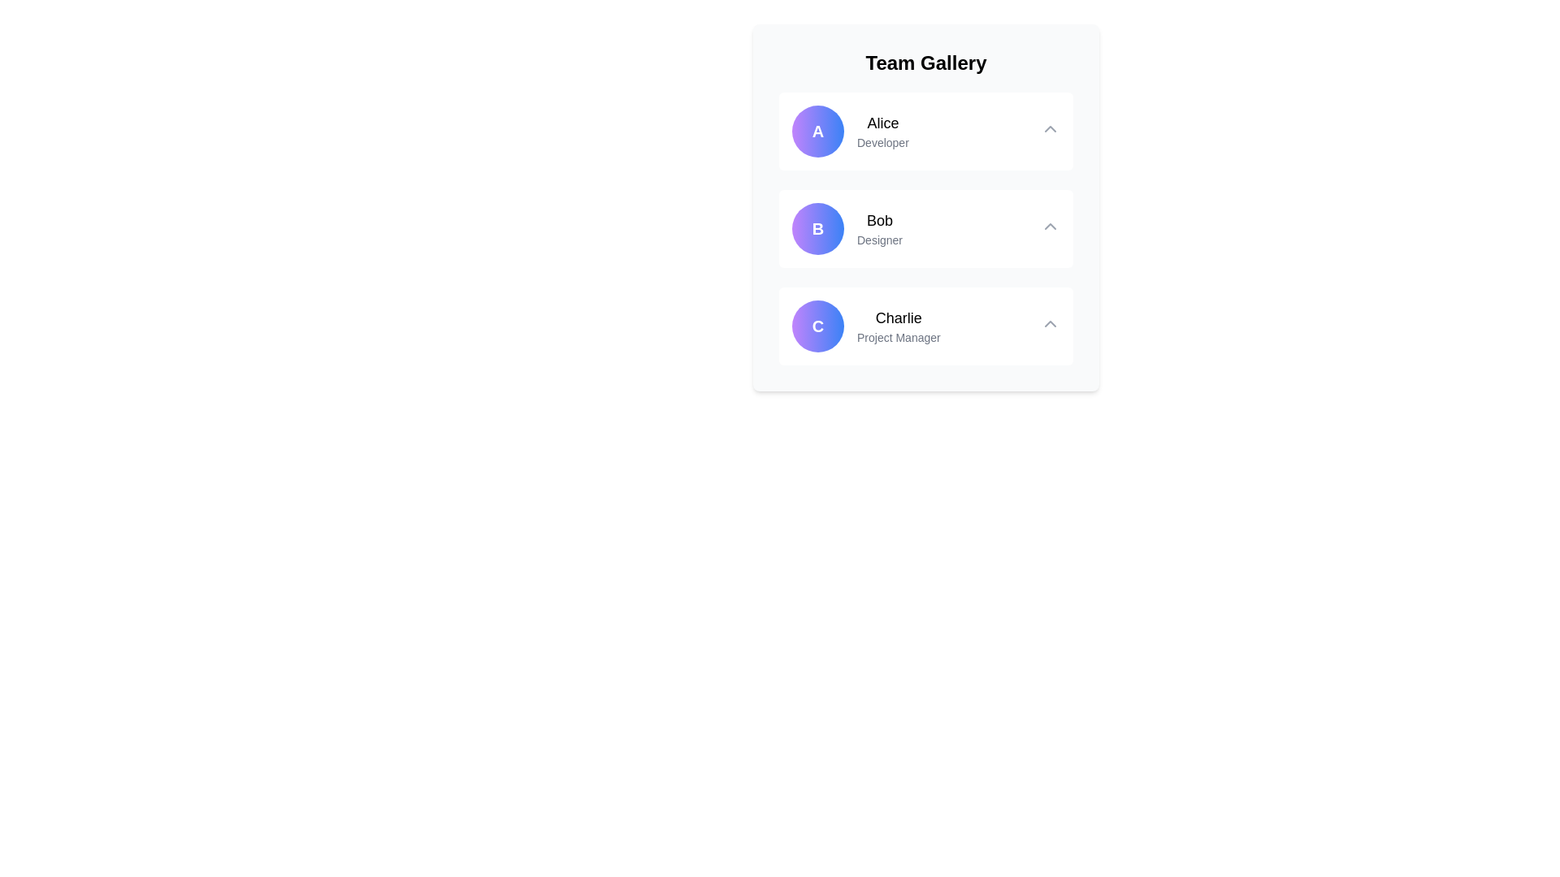  I want to click on the profile card representing a team member, which is the second item in the vertical list under the 'Team Gallery' section, so click(846, 228).